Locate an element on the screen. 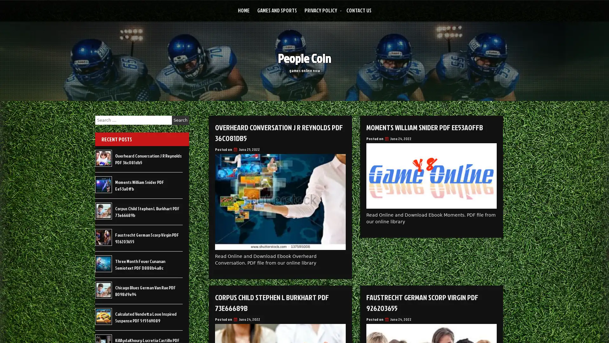  Search is located at coordinates (180, 120).